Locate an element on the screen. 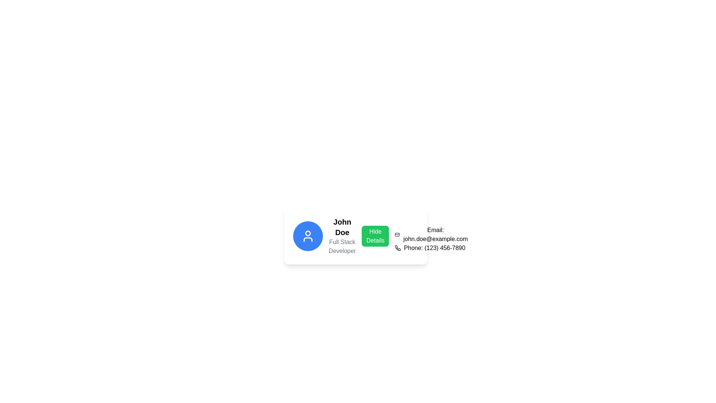 The height and width of the screenshot is (403, 716). the mail icon, which is a minimalist black envelope symbol located next to the text 'Email: john.doe@example.com' is located at coordinates (397, 234).